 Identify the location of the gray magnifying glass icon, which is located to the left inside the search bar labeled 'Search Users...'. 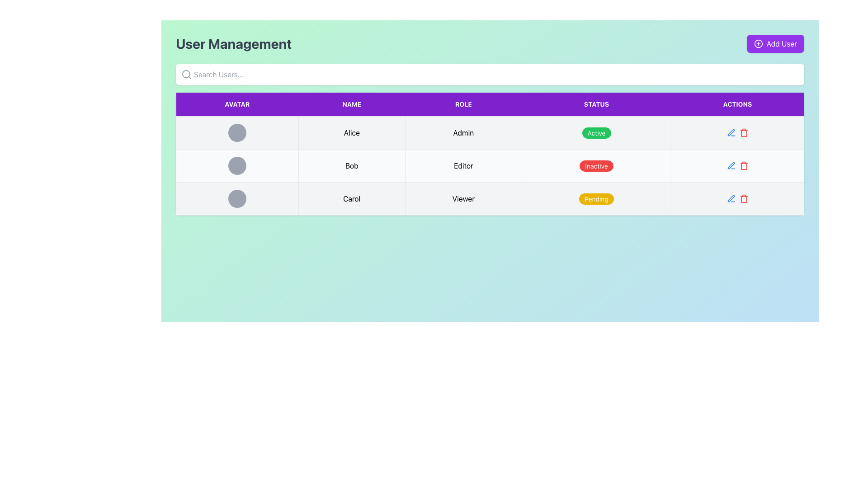
(186, 74).